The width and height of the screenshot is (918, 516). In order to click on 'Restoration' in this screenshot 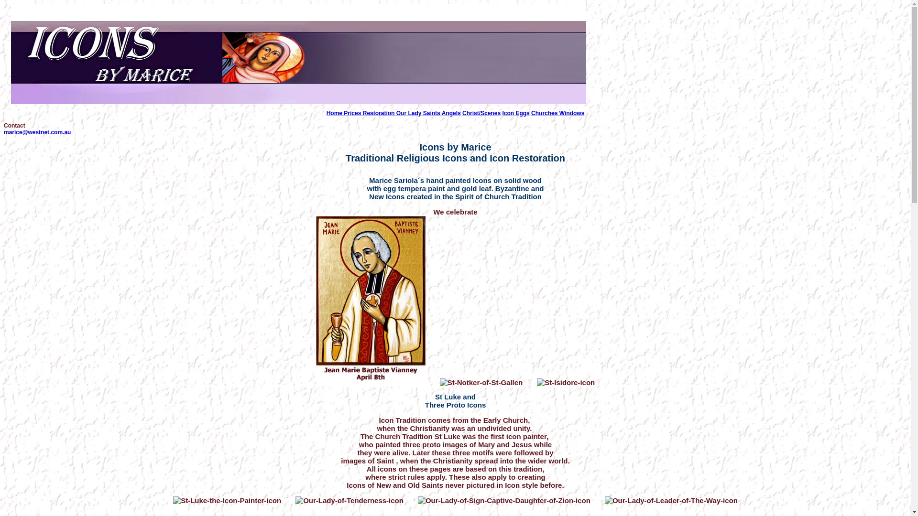, I will do `click(379, 112)`.